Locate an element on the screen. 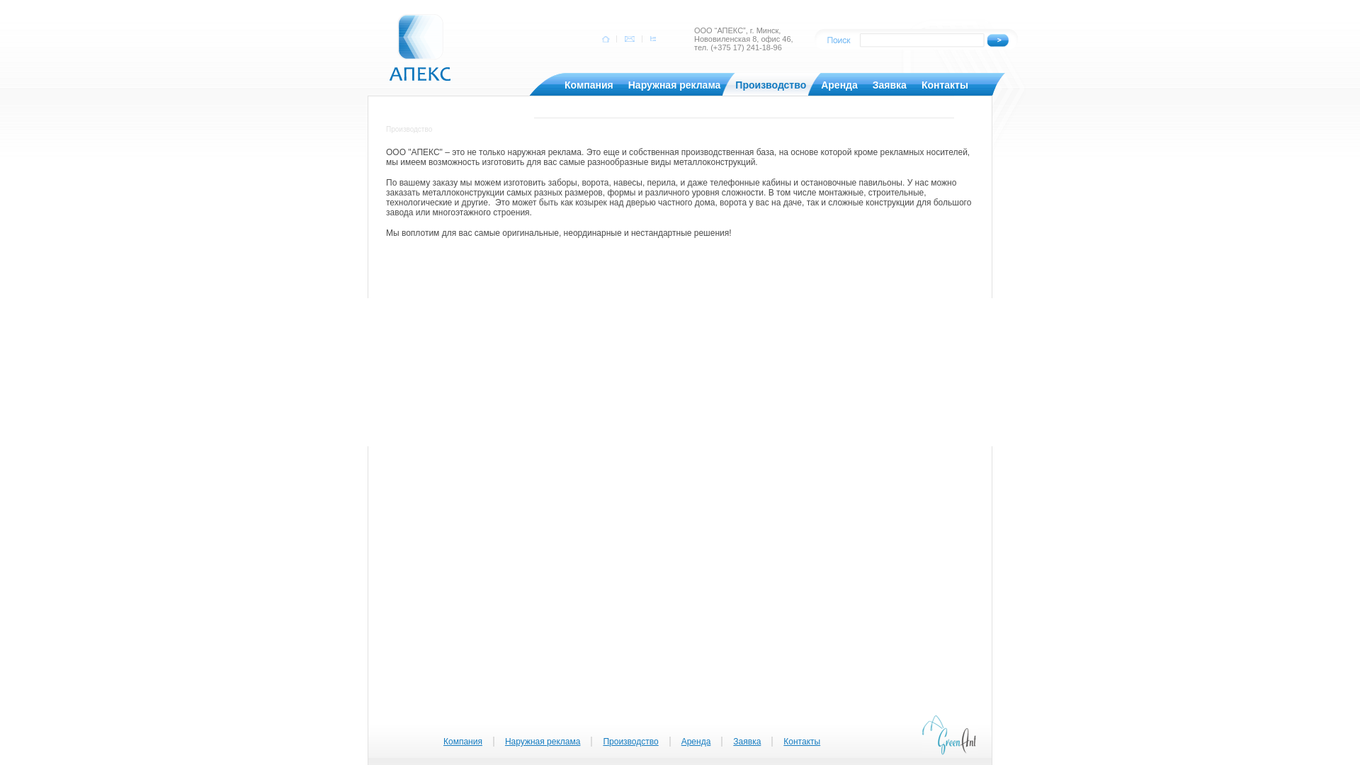  ' ' is located at coordinates (628, 38).